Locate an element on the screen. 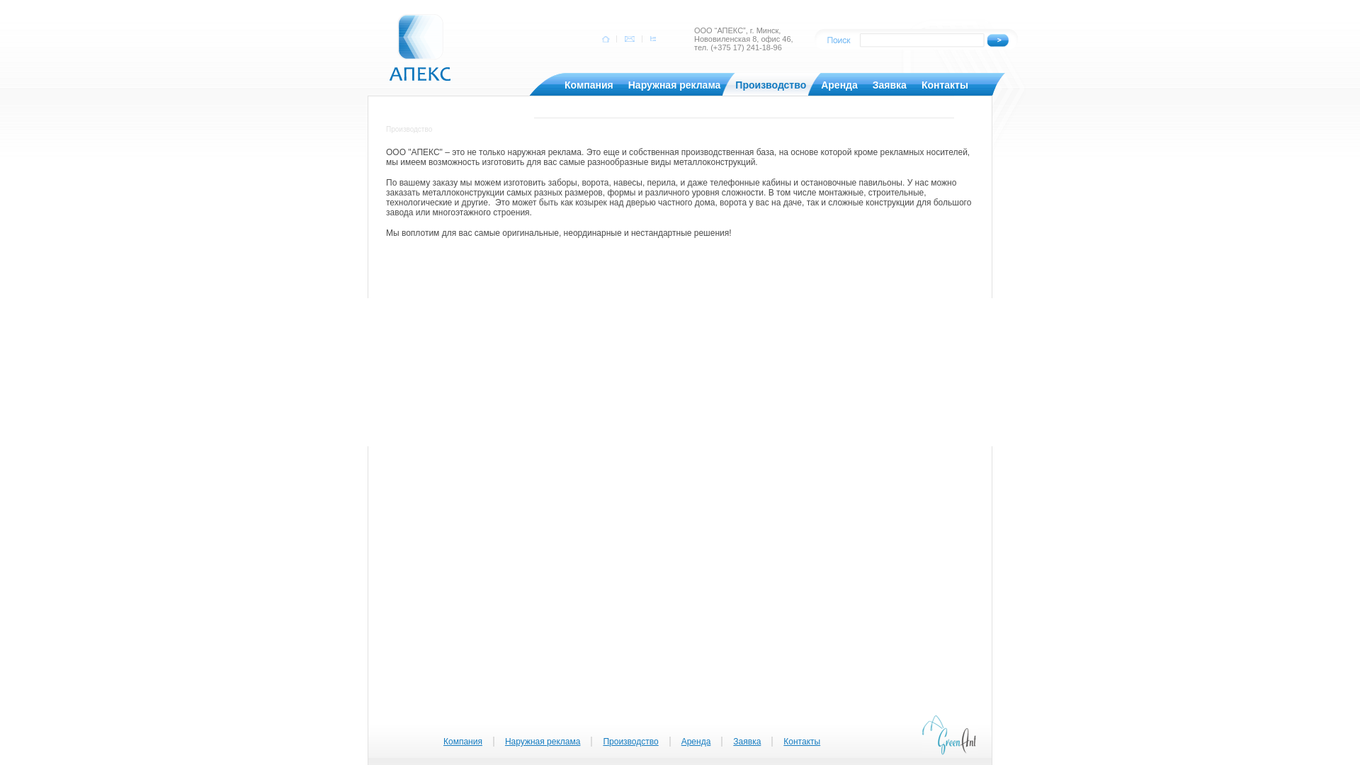  ' ' is located at coordinates (628, 38).